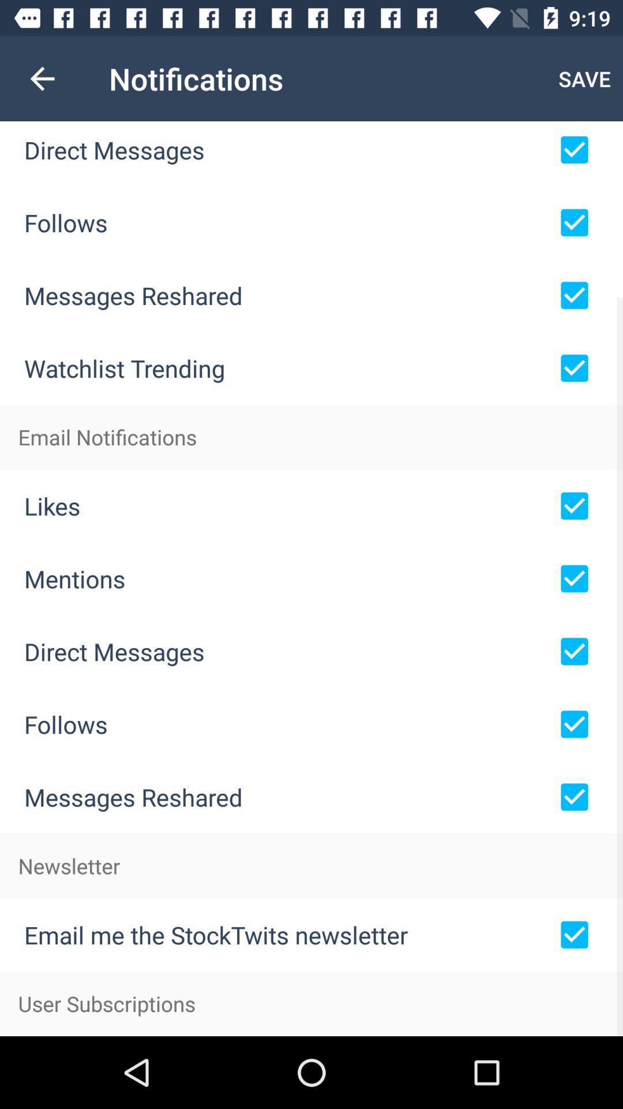  What do you see at coordinates (42, 78) in the screenshot?
I see `icon to the left of notifications icon` at bounding box center [42, 78].